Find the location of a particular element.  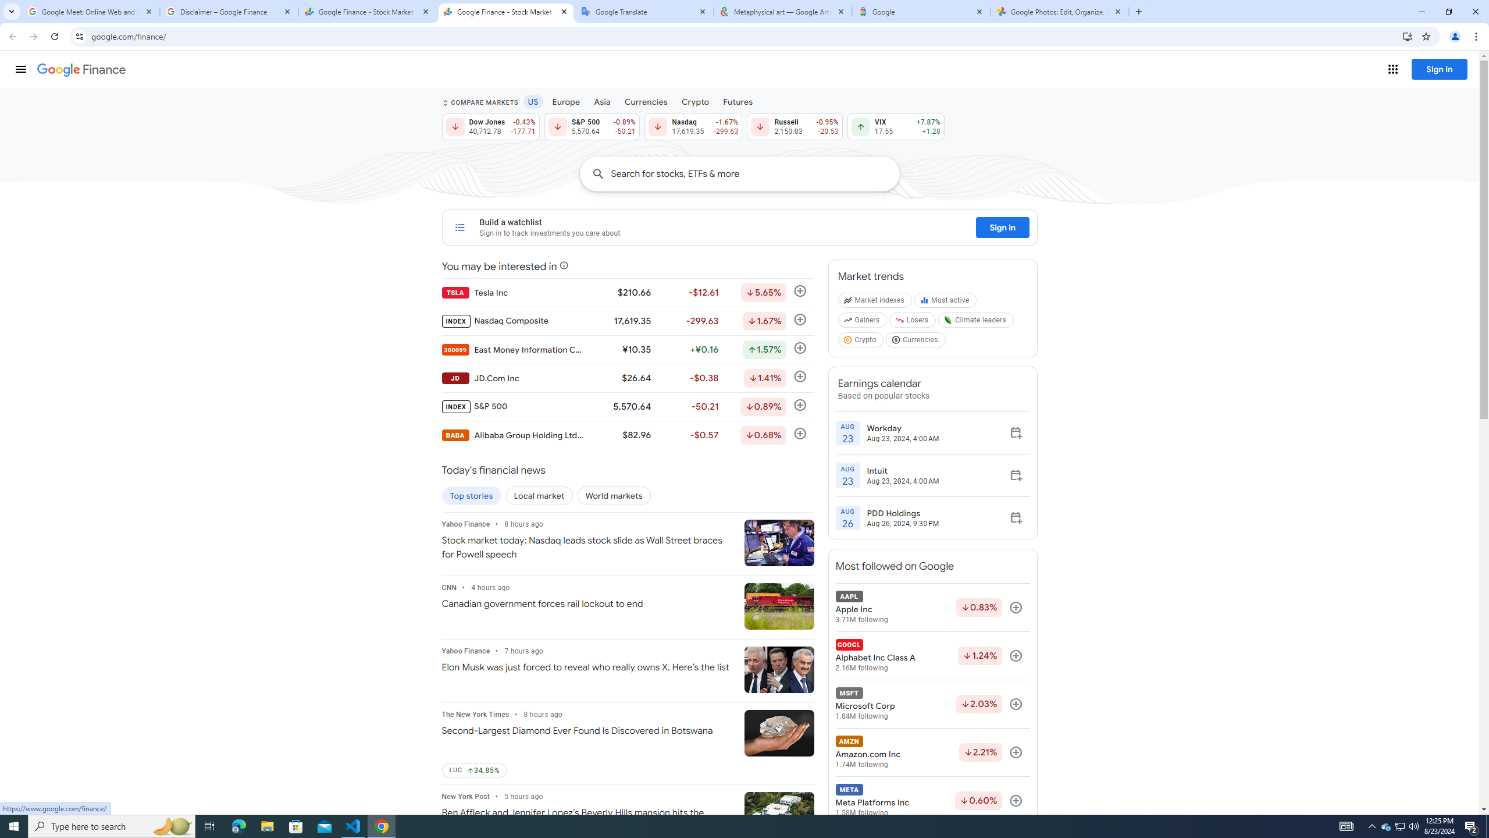

'S&P 500 5,570.64 Down by 0.89% -50.21' is located at coordinates (591, 126).